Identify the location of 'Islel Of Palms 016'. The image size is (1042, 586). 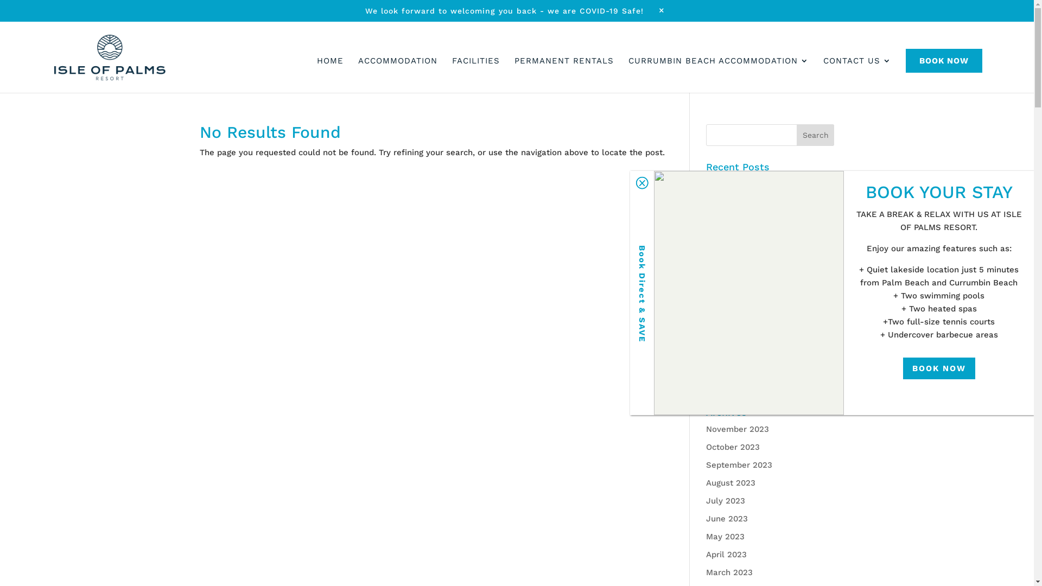
(748, 293).